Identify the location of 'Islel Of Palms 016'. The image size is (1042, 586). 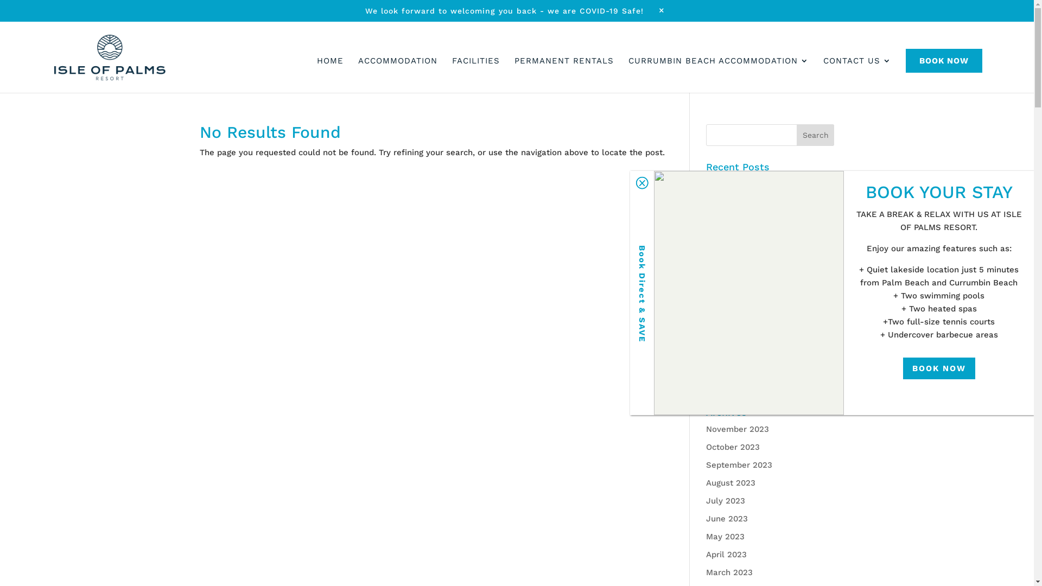
(748, 293).